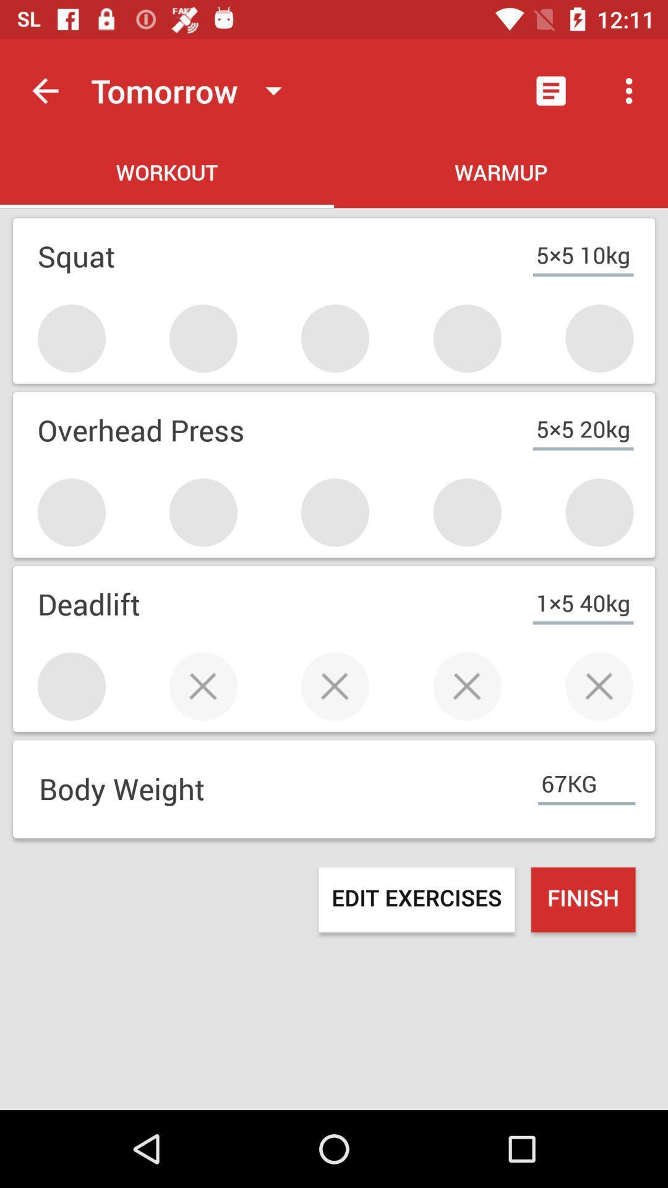 The image size is (668, 1188). What do you see at coordinates (45, 90) in the screenshot?
I see `item next to the tomorrow icon` at bounding box center [45, 90].